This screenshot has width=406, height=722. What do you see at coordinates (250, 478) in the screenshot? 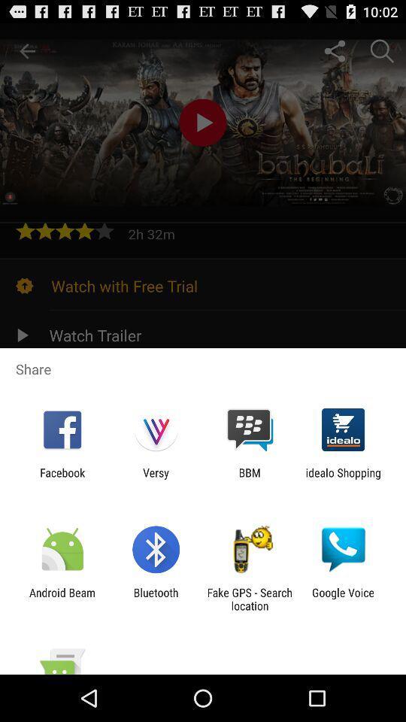
I see `item next to idealo shopping icon` at bounding box center [250, 478].